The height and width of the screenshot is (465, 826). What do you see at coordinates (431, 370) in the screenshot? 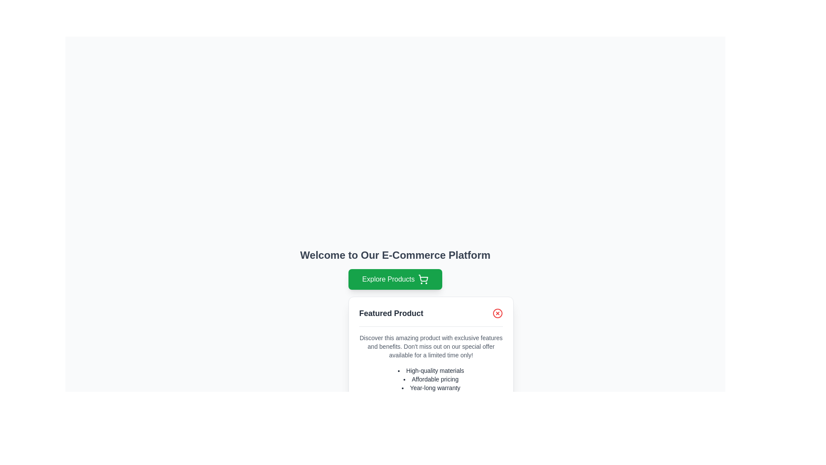
I see `text 'High-quality materials' which is the first item in the bulleted list under the section titled 'Featured Product.'` at bounding box center [431, 370].